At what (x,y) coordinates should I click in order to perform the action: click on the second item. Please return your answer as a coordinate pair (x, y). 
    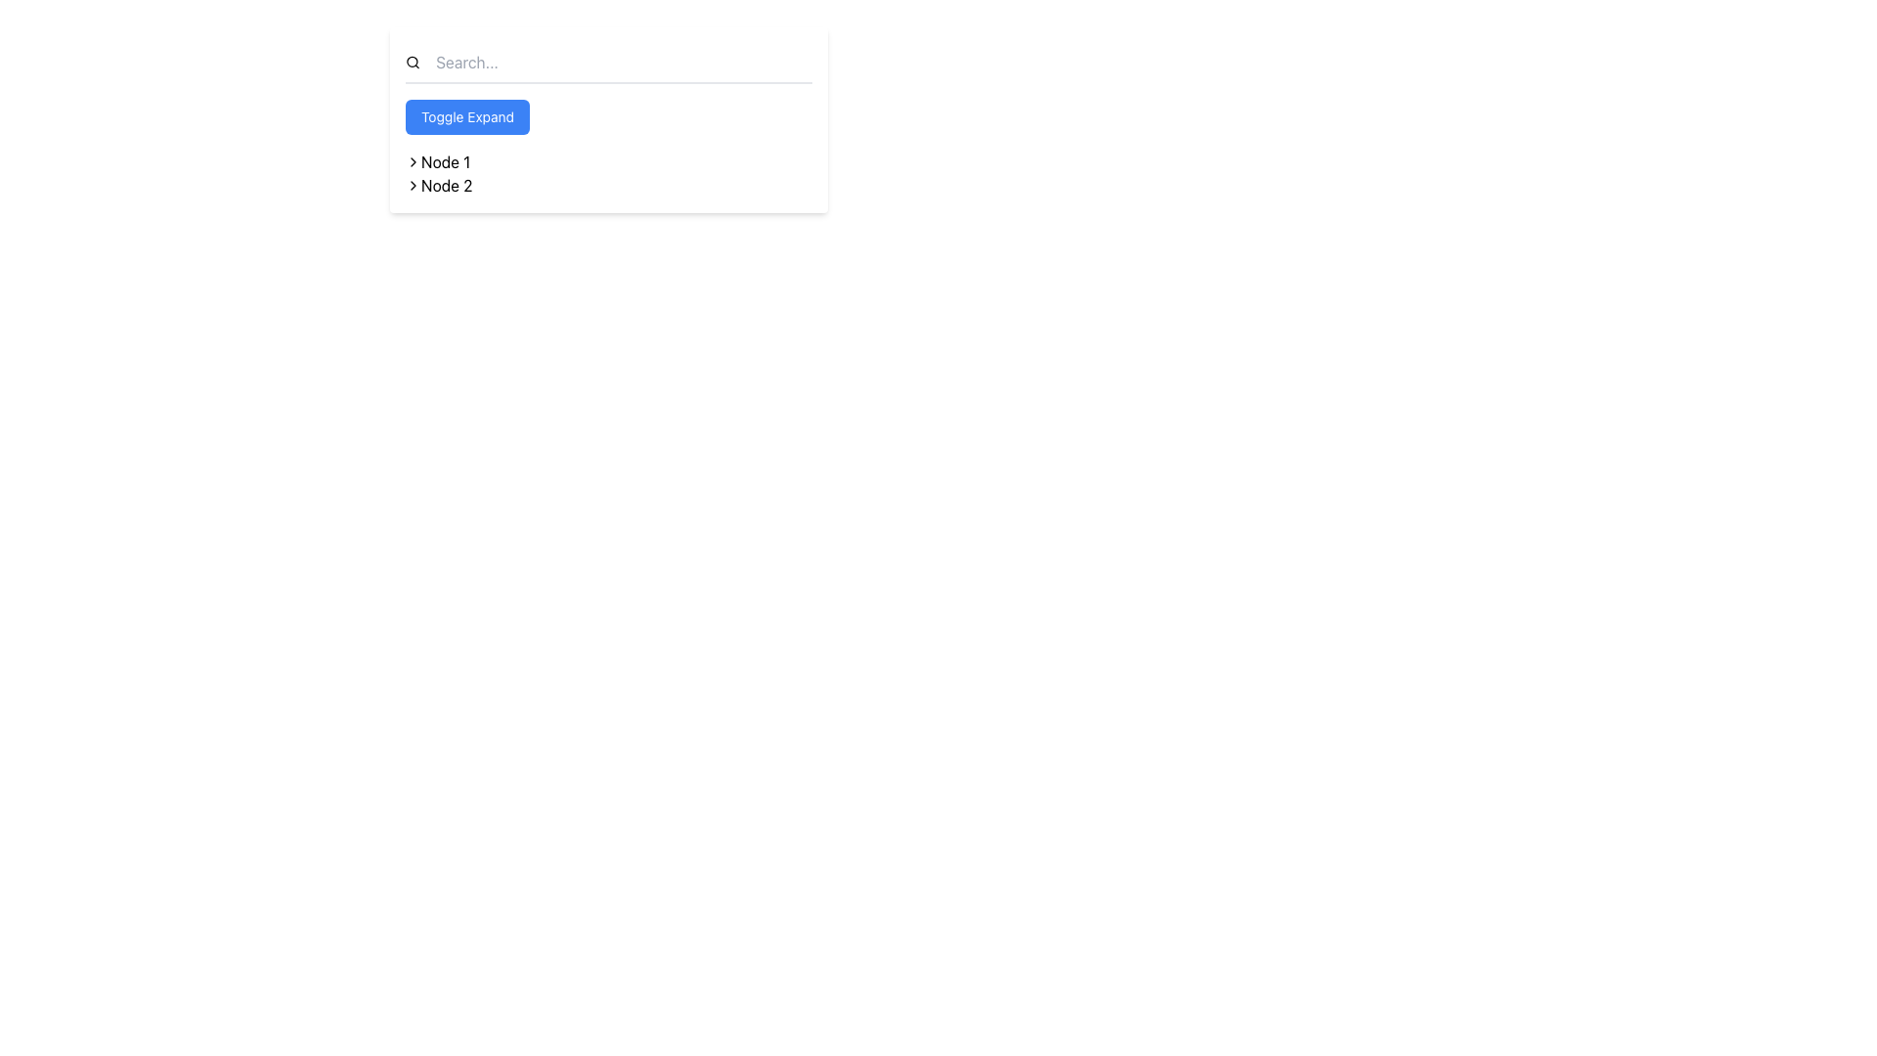
    Looking at the image, I should click on (446, 185).